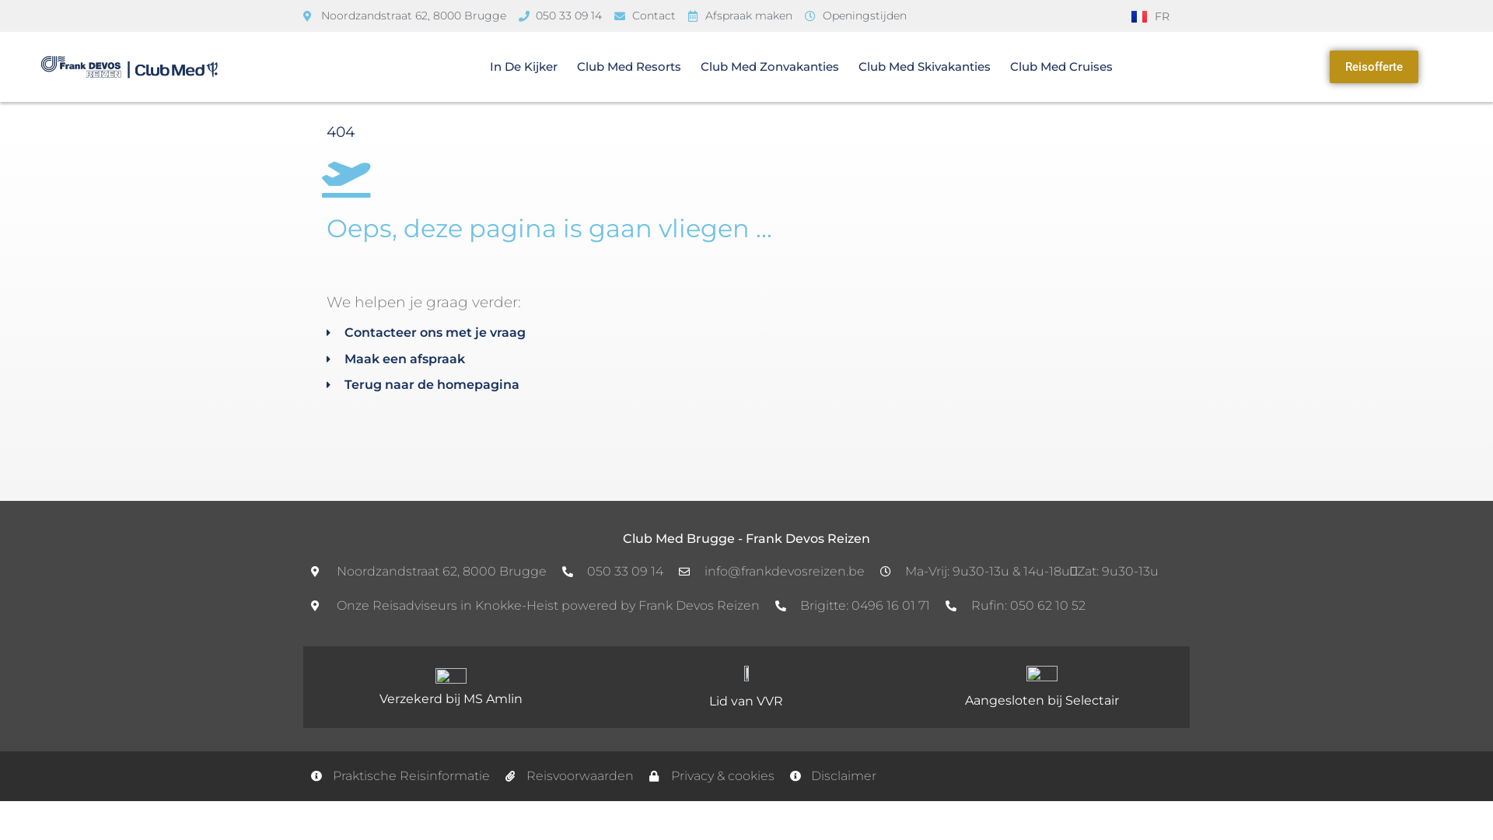 The height and width of the screenshot is (840, 1493). Describe the element at coordinates (1015, 605) in the screenshot. I see `'Rufin: 050 62 10 52'` at that location.